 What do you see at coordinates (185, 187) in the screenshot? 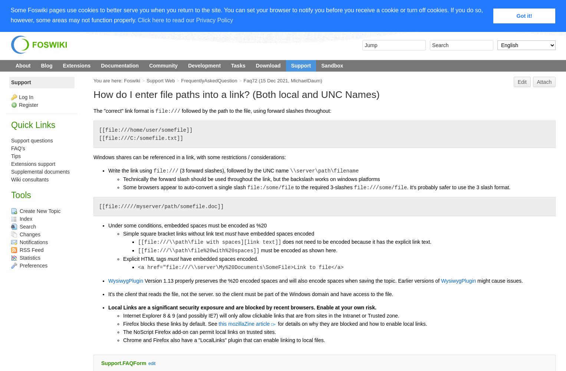
I see `'Some browsers appear to auto-convert a single slash'` at bounding box center [185, 187].